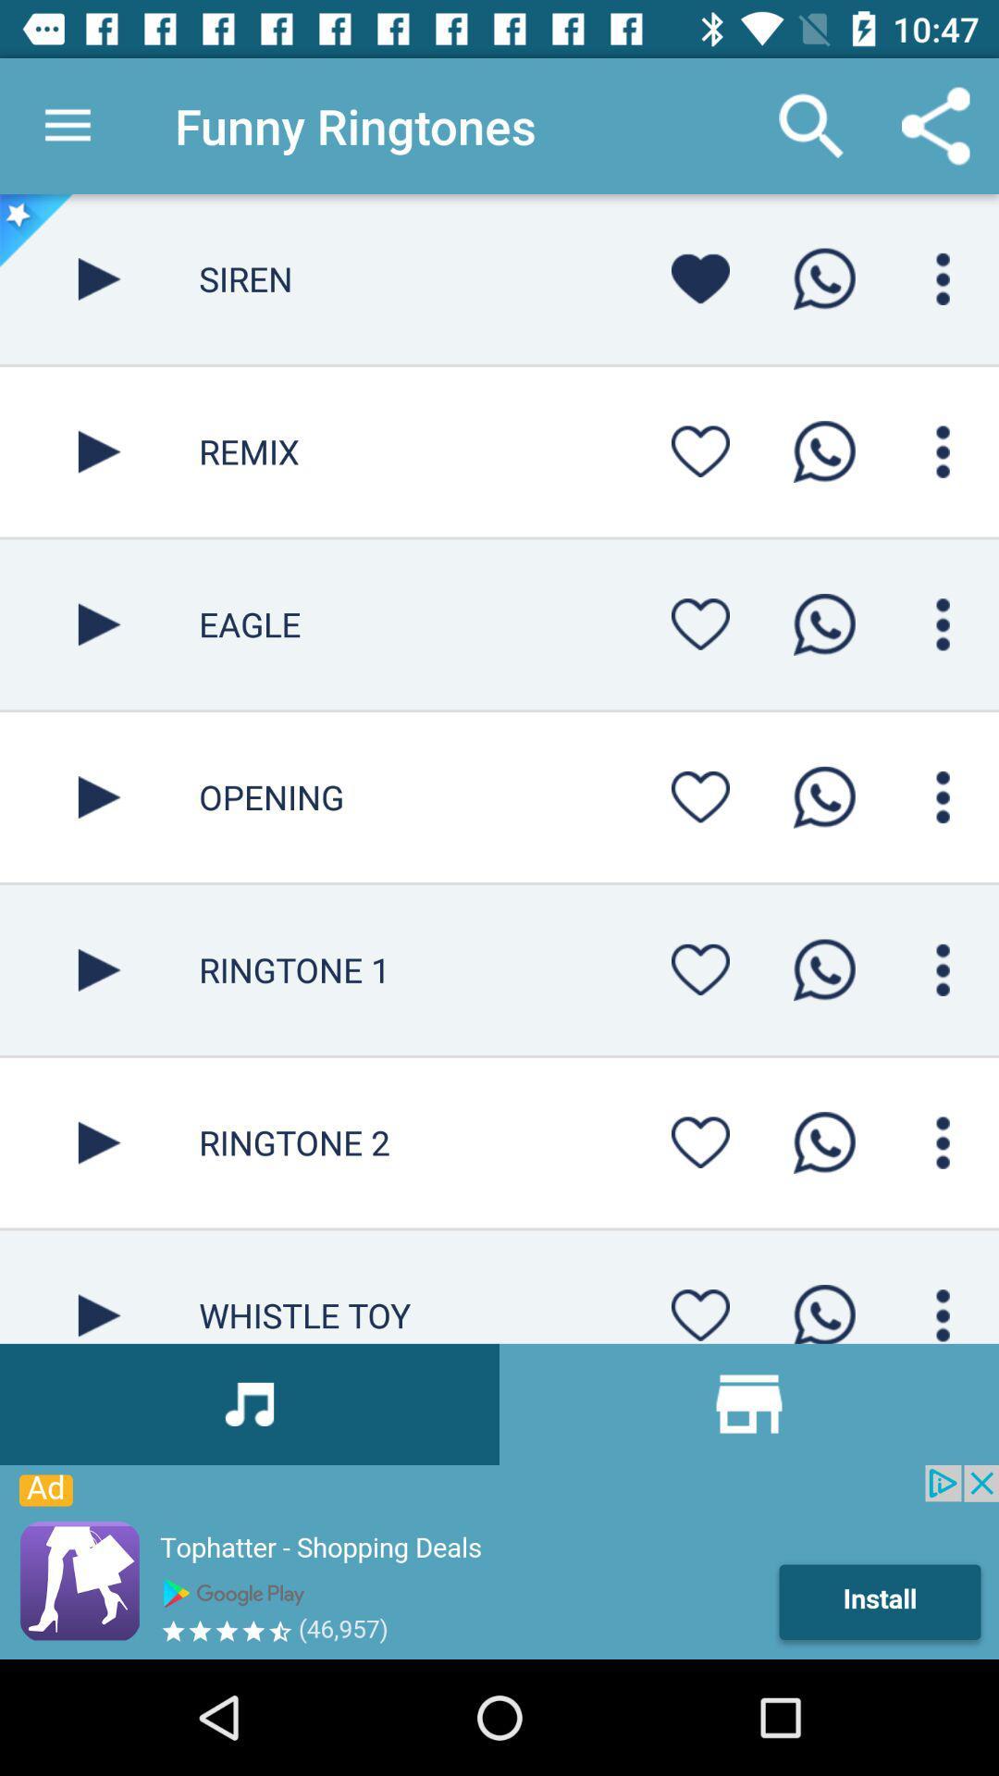  What do you see at coordinates (700, 968) in the screenshot?
I see `button` at bounding box center [700, 968].